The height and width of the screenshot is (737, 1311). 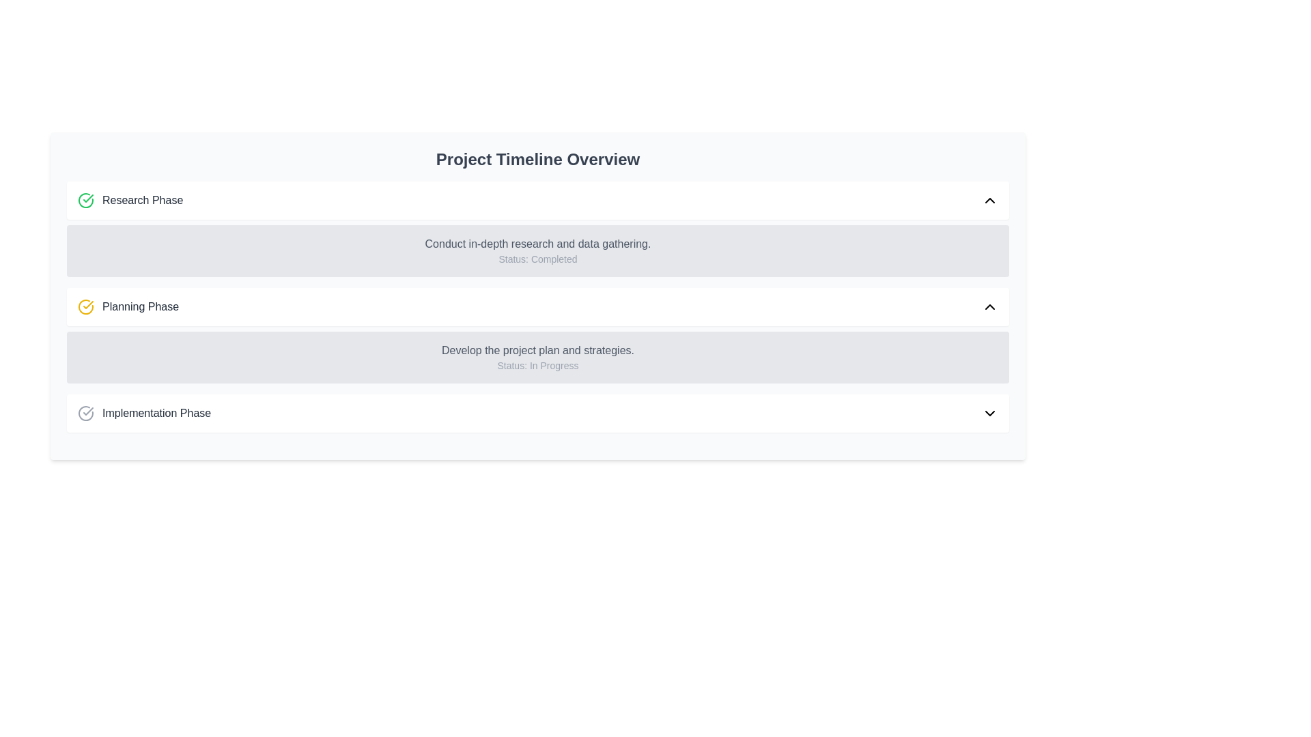 I want to click on the downward-pointing chevron icon button located at the right end of the 'Implementation Phase' section, so click(x=989, y=412).